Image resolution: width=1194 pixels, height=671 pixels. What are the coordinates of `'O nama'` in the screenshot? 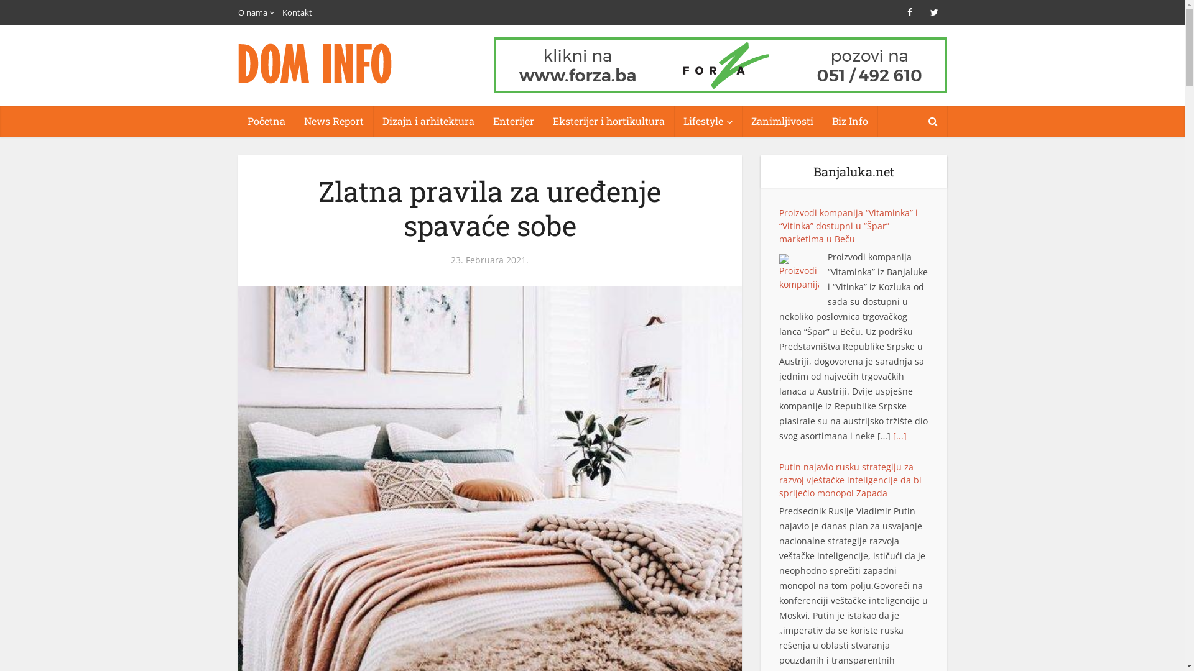 It's located at (238, 12).